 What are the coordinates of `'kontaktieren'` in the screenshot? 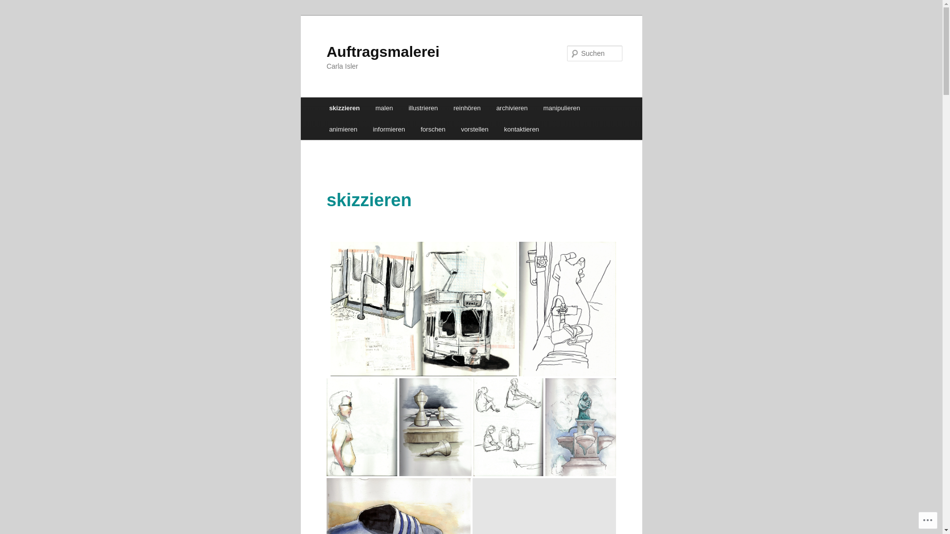 It's located at (521, 129).